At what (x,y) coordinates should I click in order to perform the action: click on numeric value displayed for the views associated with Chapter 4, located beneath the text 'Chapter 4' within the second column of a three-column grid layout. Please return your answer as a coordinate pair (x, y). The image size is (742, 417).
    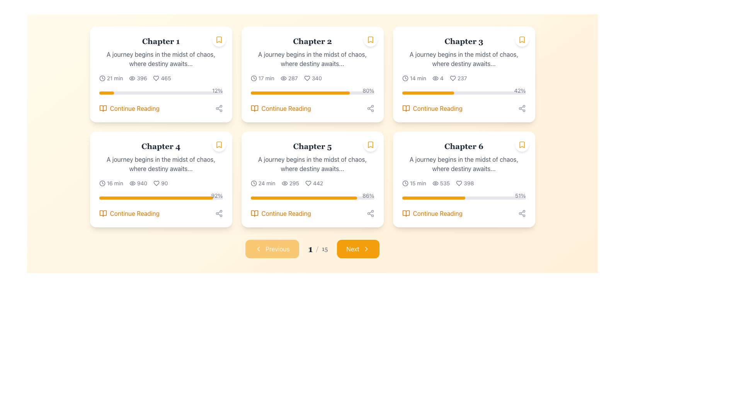
    Looking at the image, I should click on (138, 183).